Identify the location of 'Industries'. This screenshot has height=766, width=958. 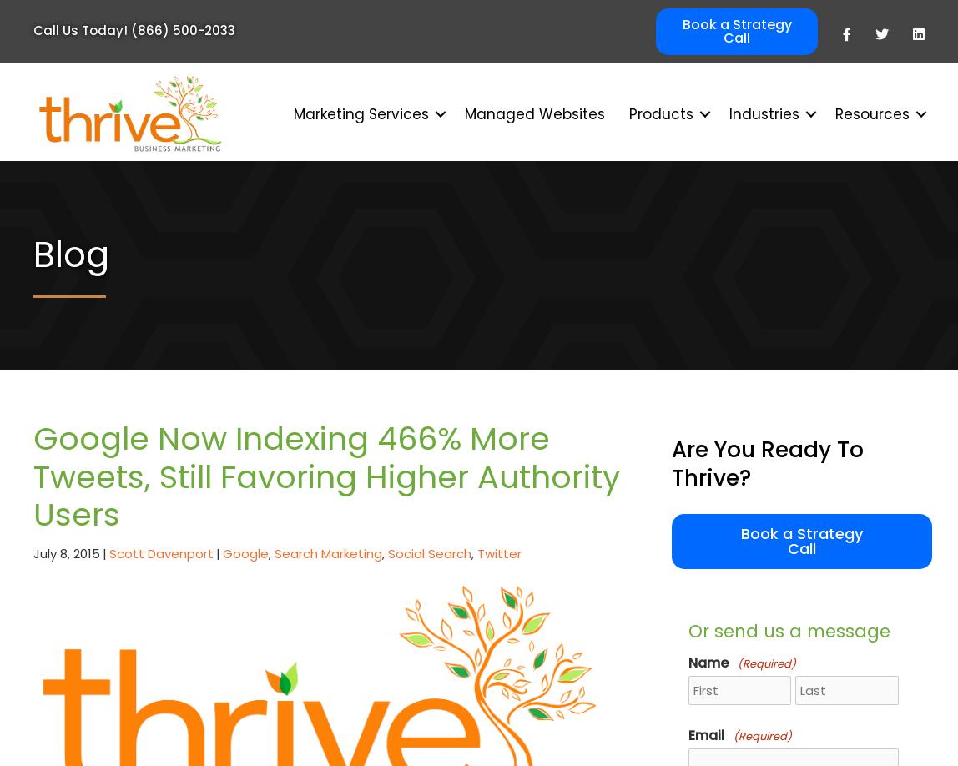
(729, 113).